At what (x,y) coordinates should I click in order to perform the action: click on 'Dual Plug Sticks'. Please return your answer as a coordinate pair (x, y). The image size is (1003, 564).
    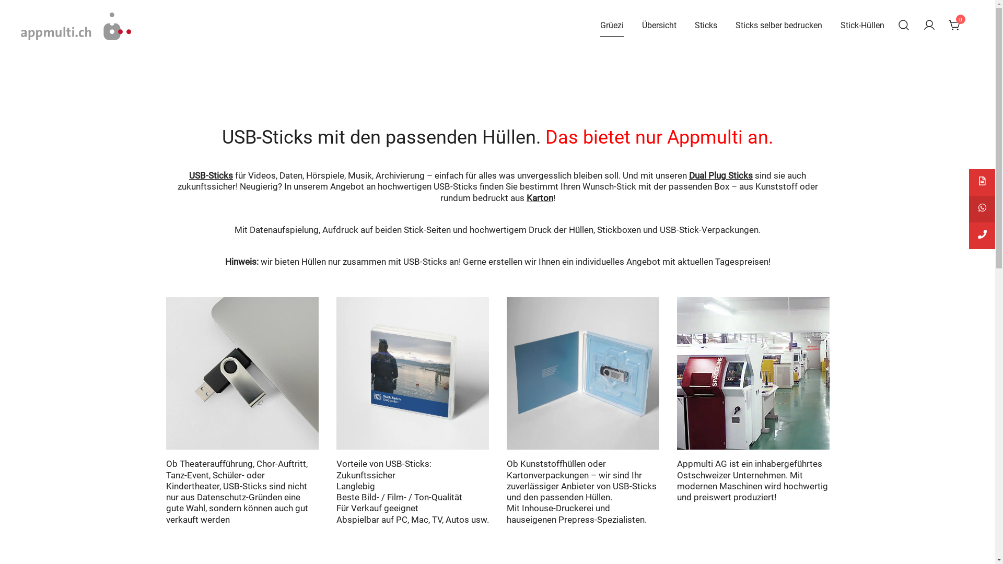
    Looking at the image, I should click on (720, 174).